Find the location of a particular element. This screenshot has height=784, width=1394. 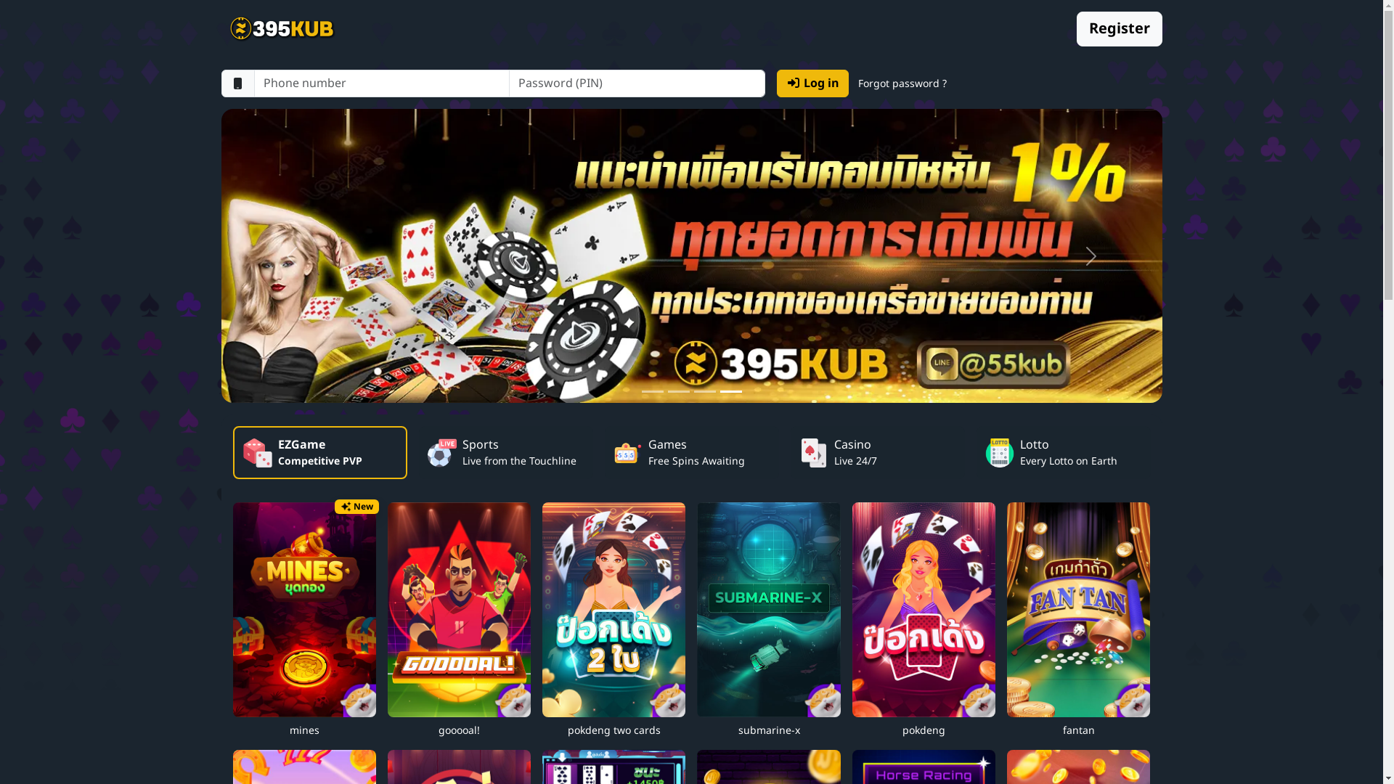

'Sports is located at coordinates (505, 452).